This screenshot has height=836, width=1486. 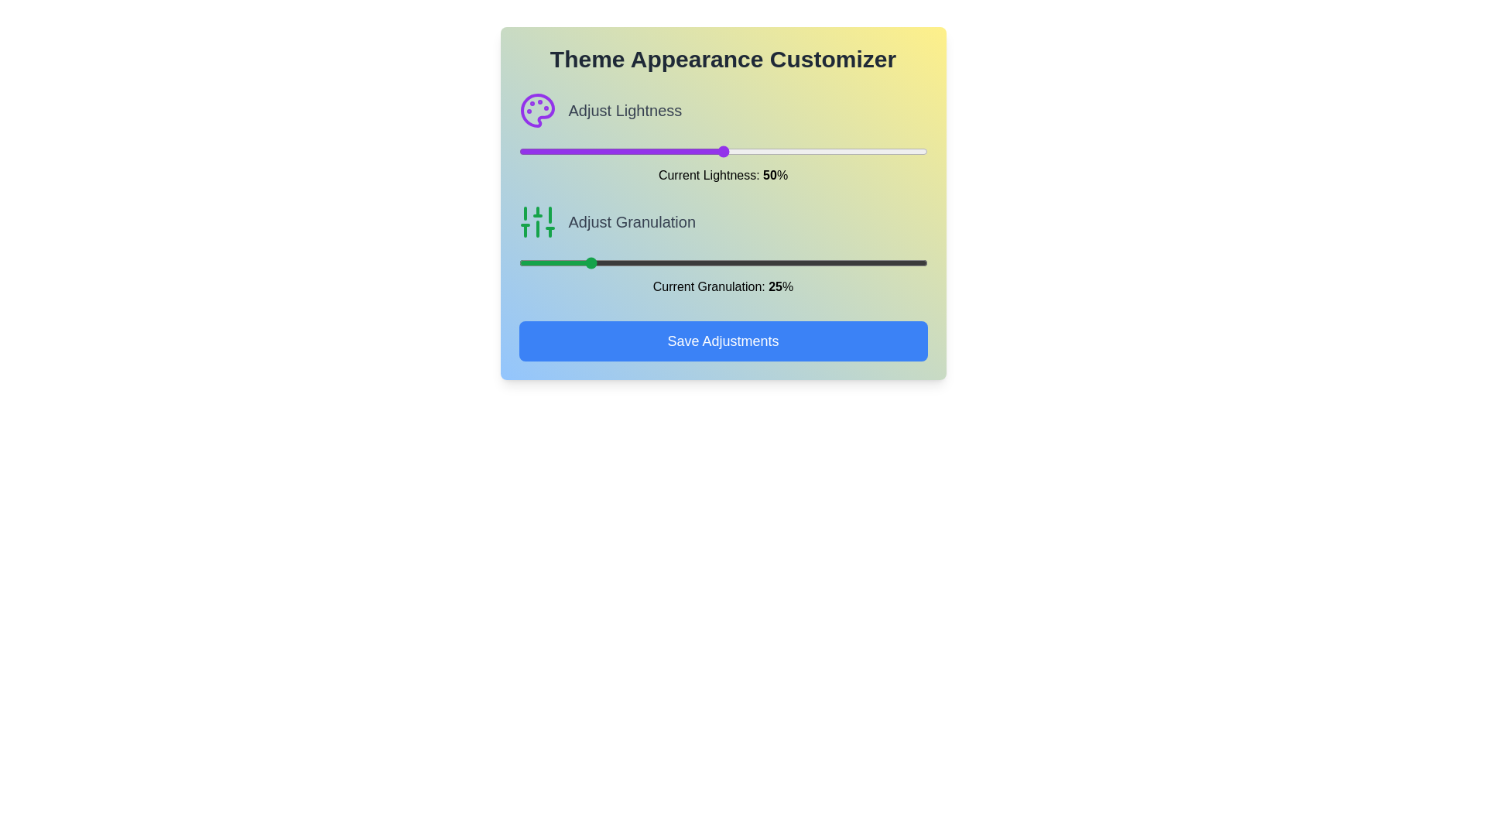 I want to click on the lightness slider to 0%, so click(x=519, y=152).